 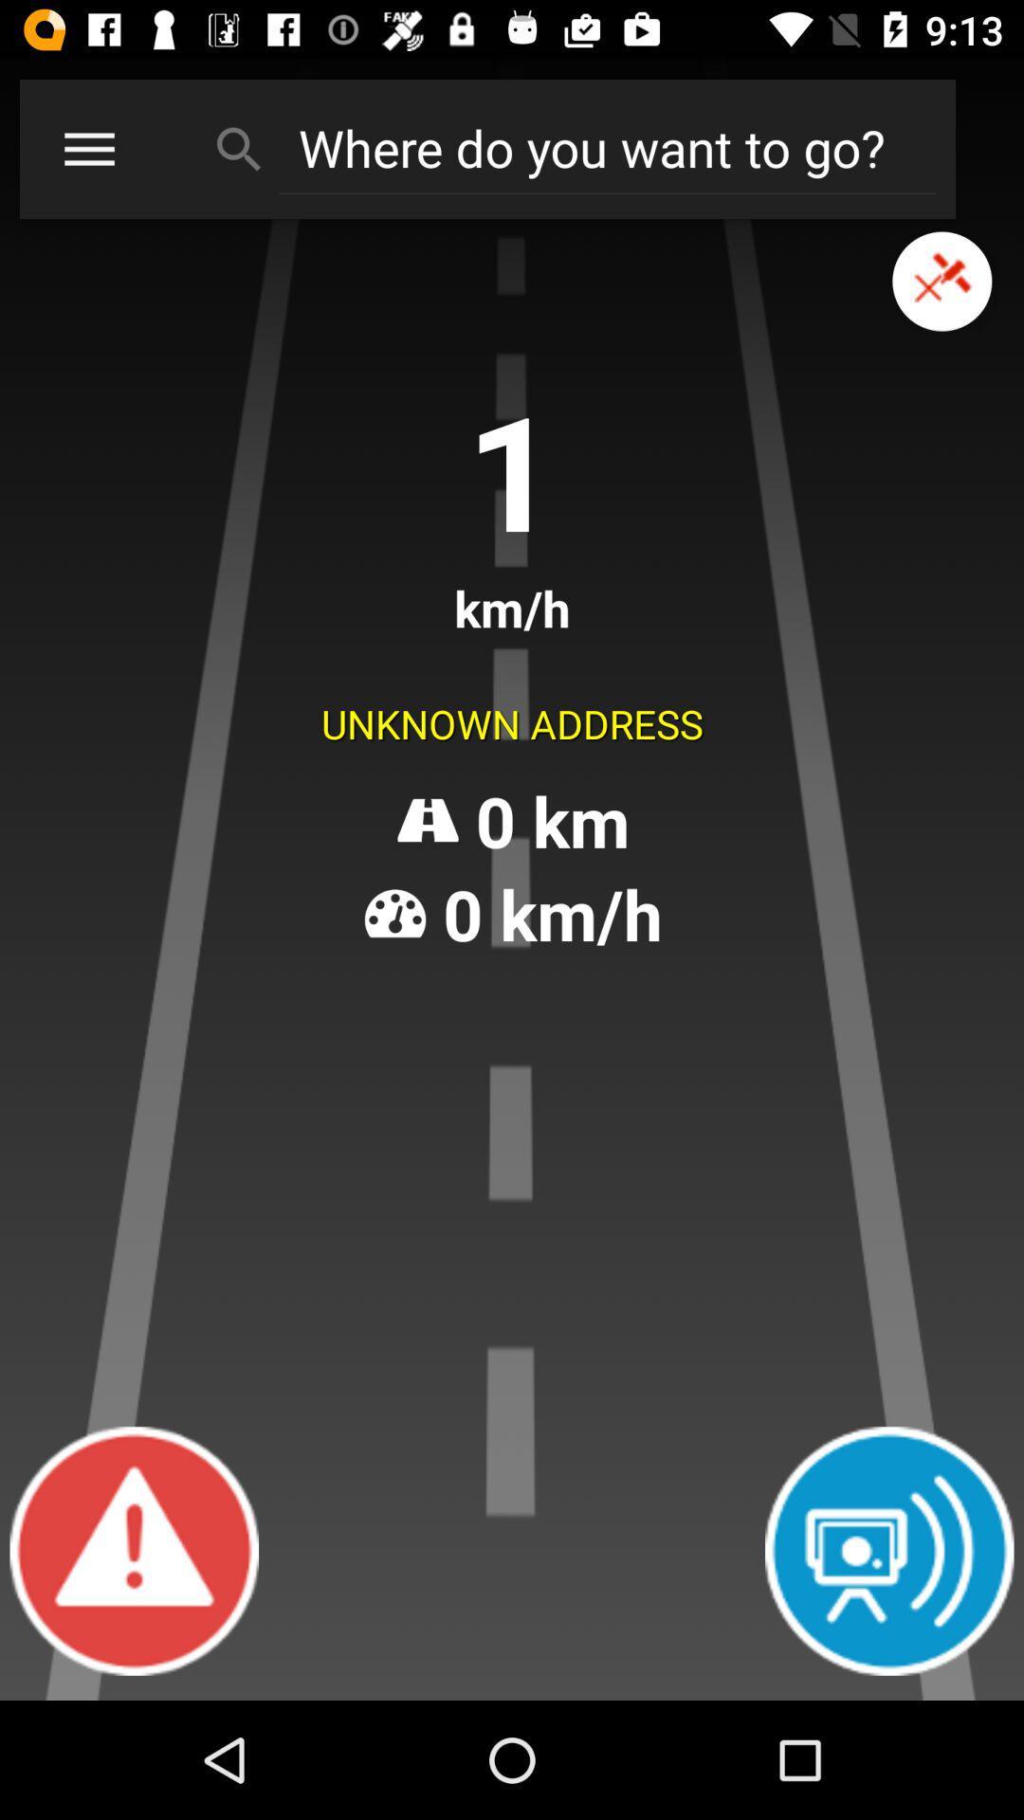 What do you see at coordinates (942, 281) in the screenshot?
I see `icon at the top right corner` at bounding box center [942, 281].